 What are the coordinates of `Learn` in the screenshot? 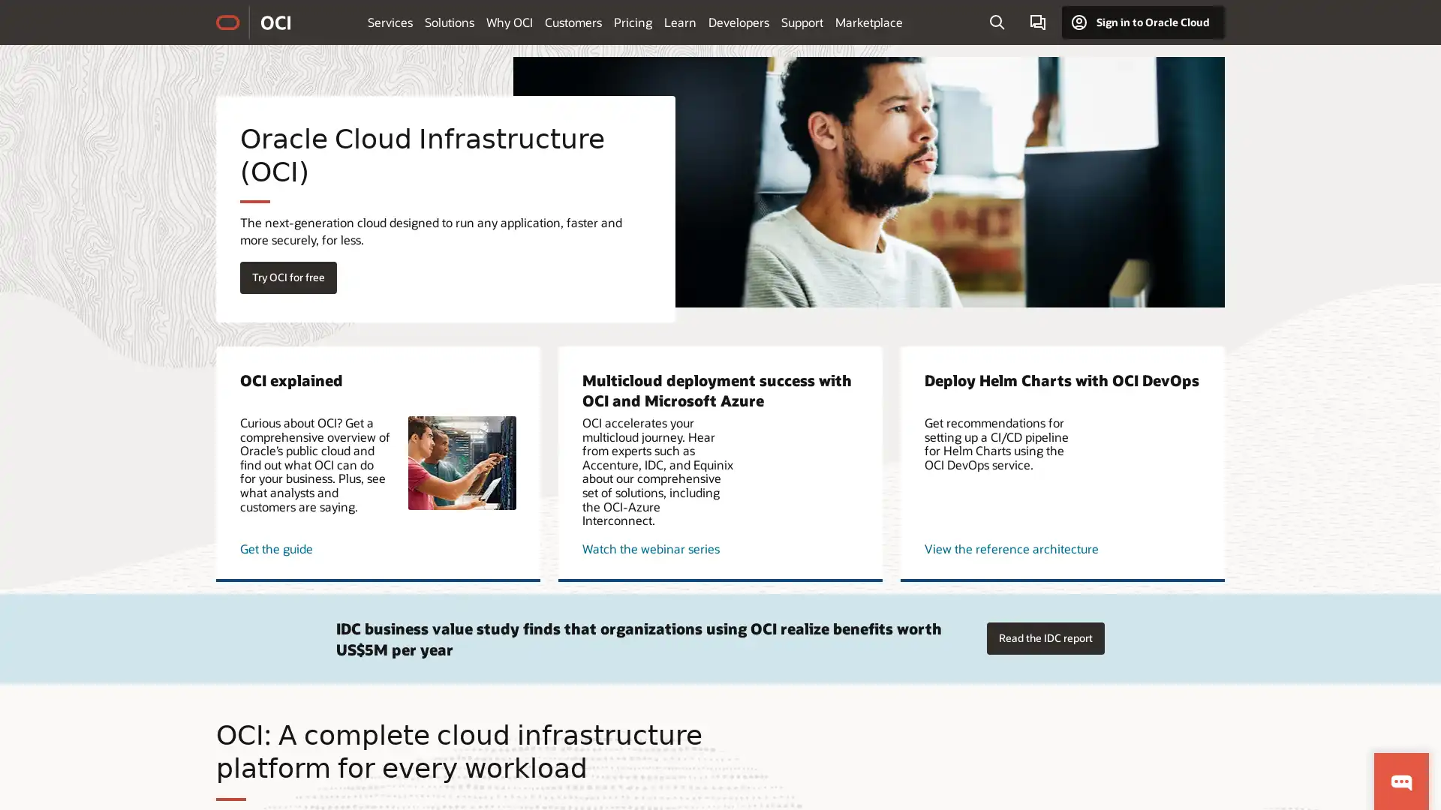 It's located at (679, 22).